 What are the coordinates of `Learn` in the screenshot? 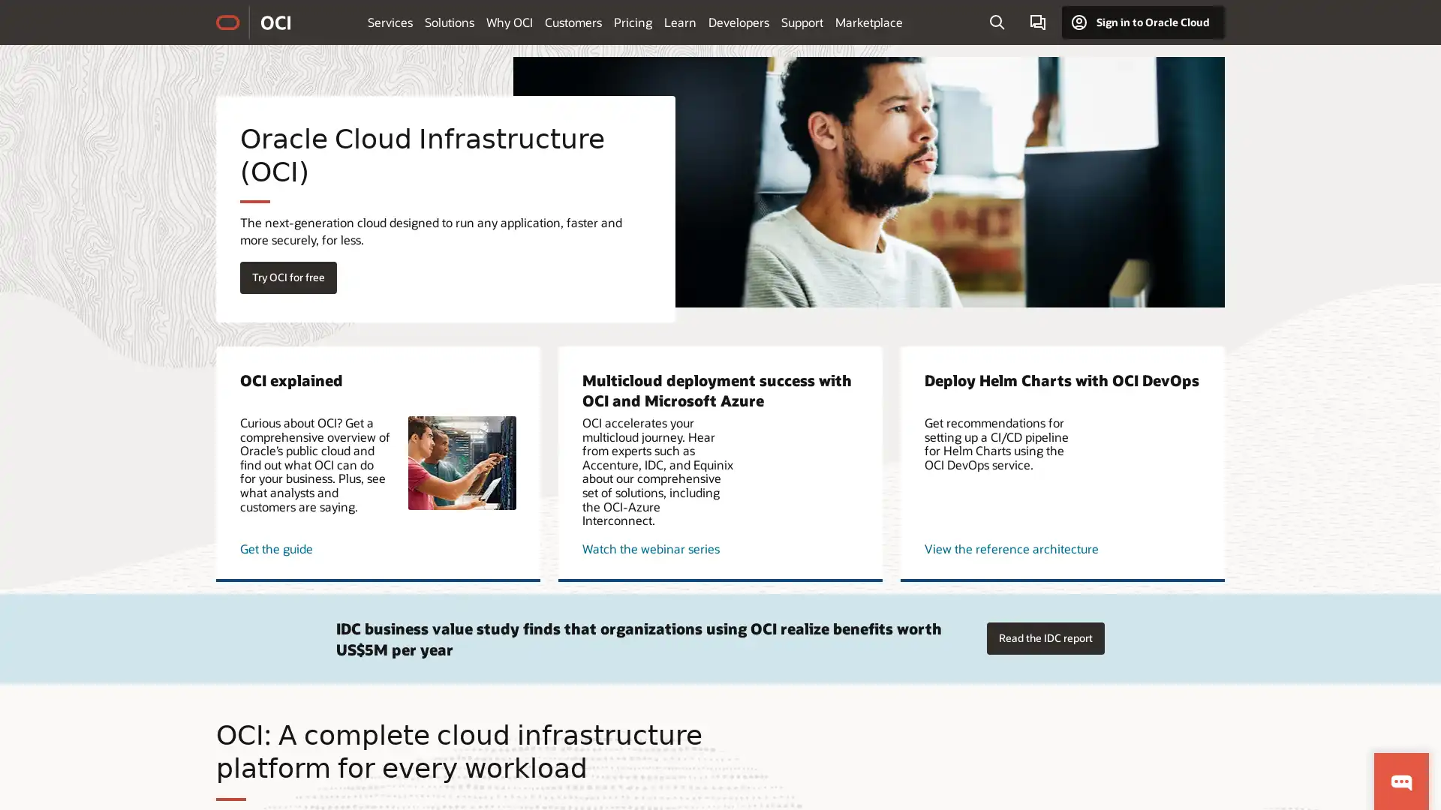 It's located at (679, 22).